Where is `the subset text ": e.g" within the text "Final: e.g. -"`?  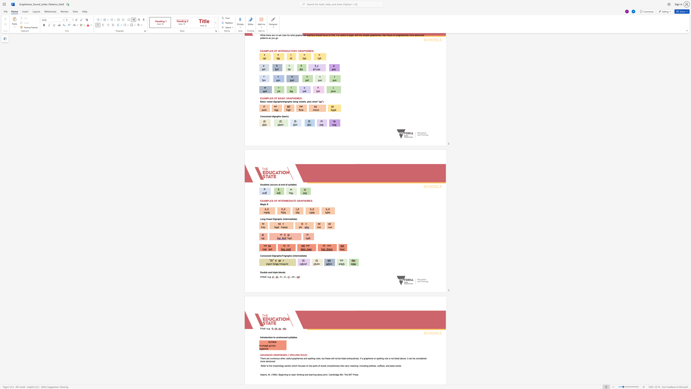
the subset text ": e.g" within the text "Final: e.g. -" is located at coordinates (265, 328).